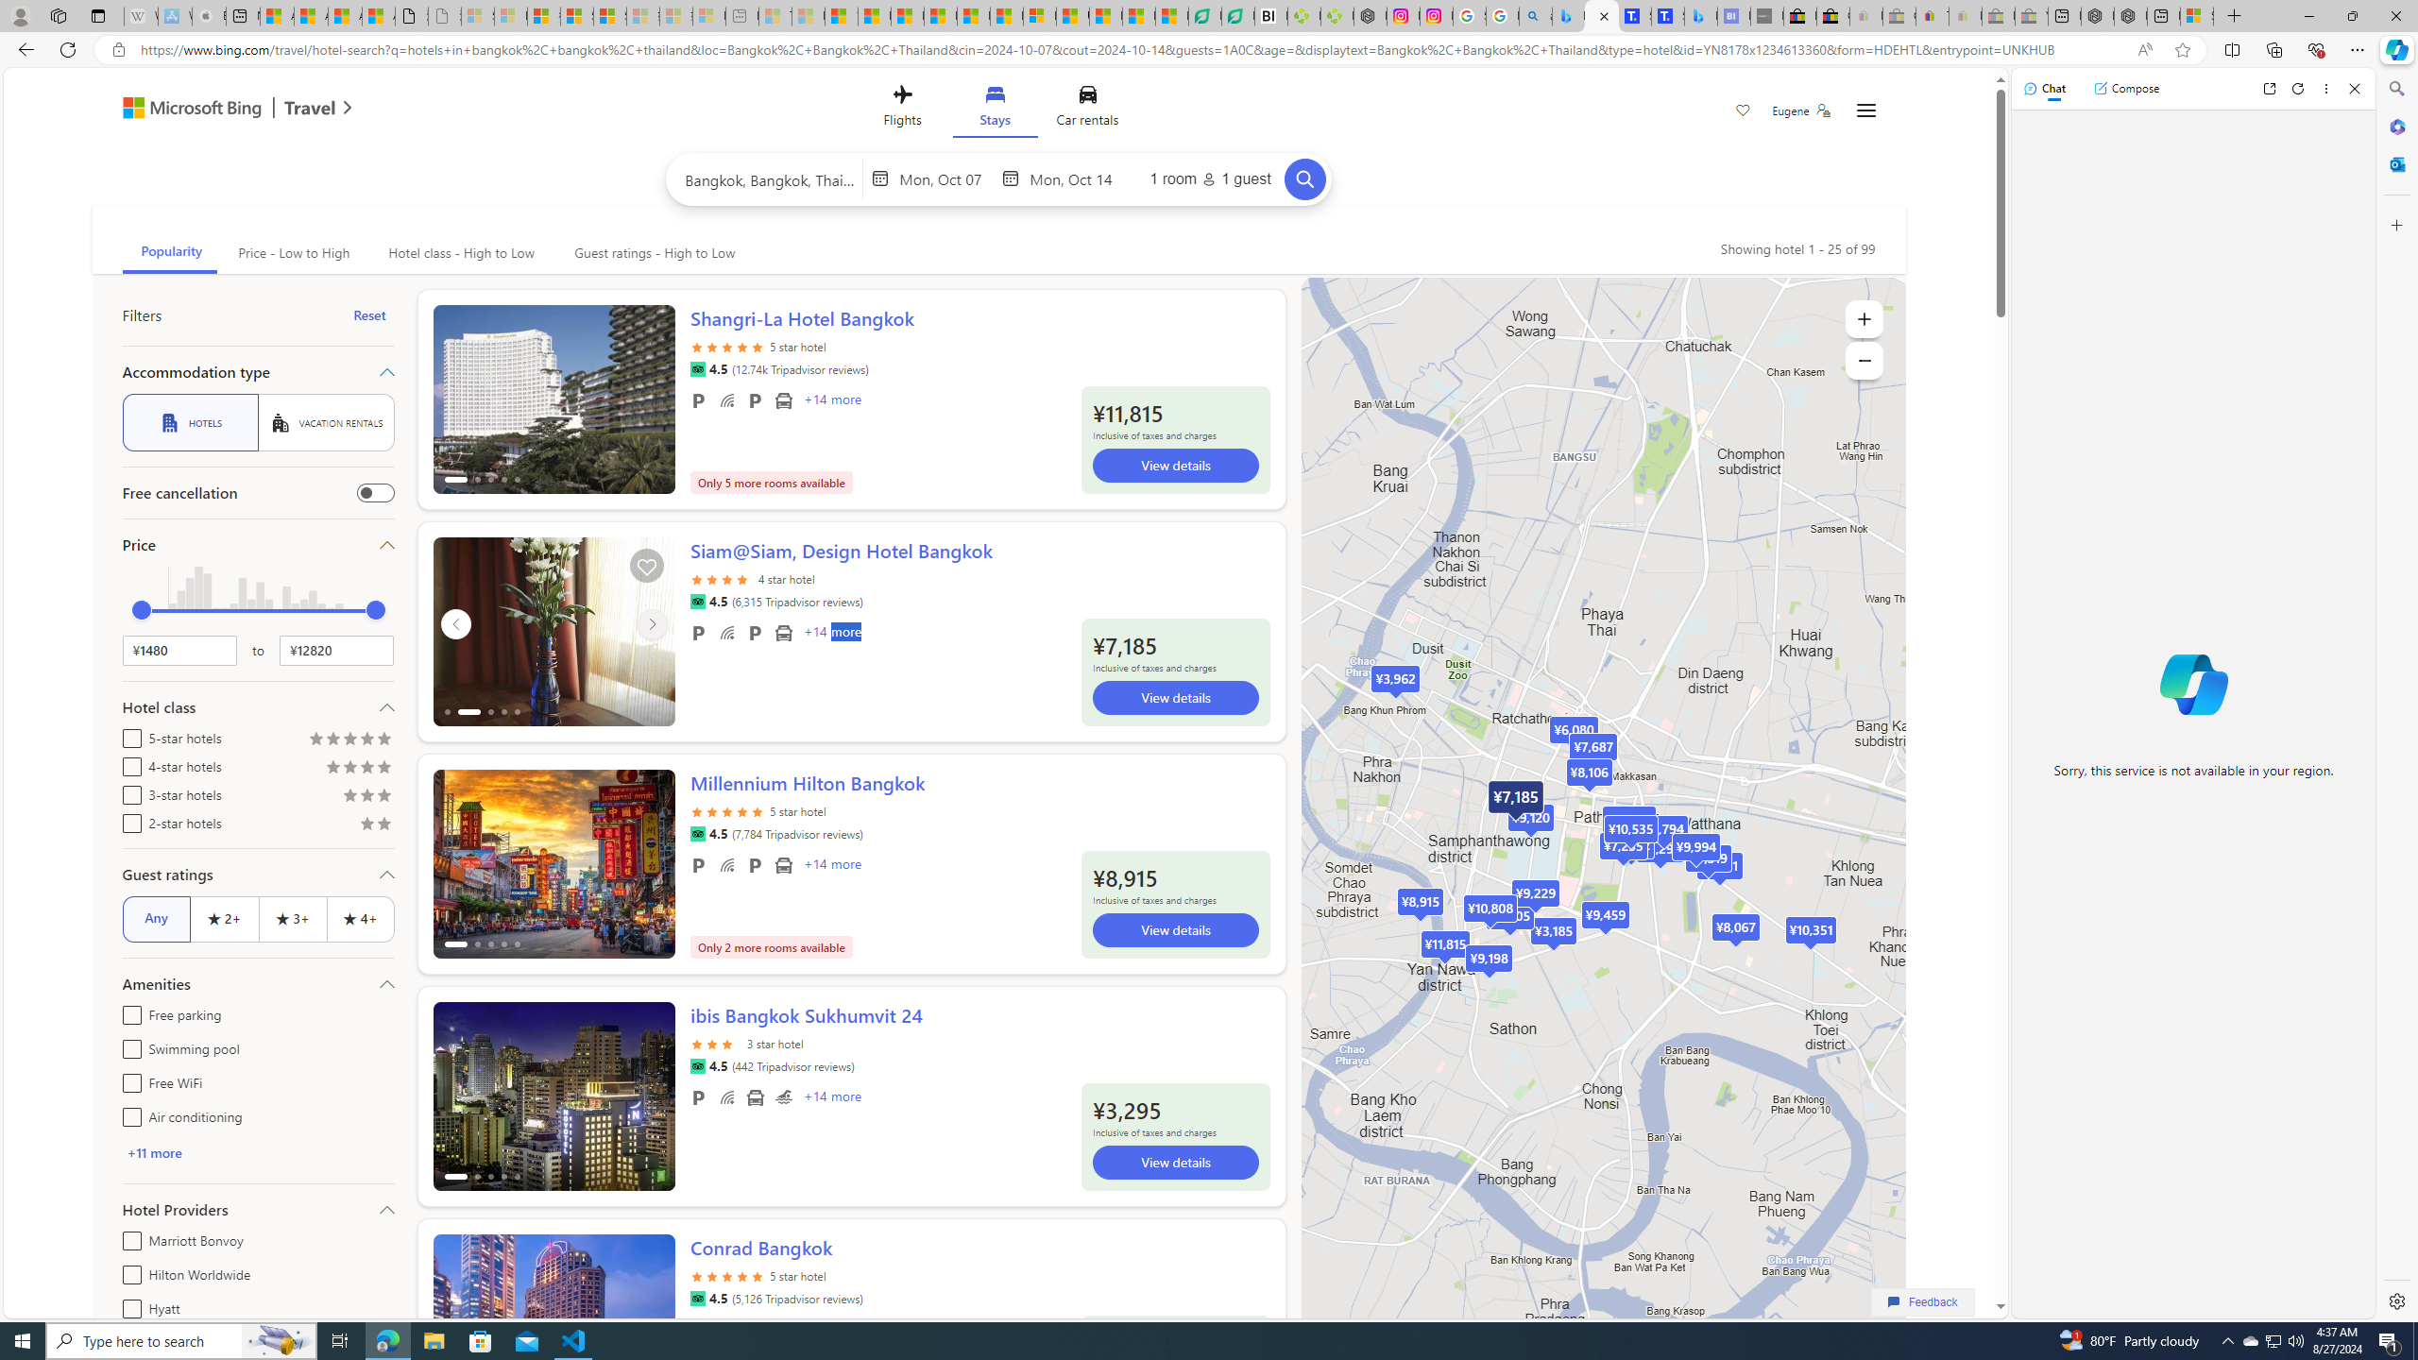 The image size is (2418, 1360). Describe the element at coordinates (775, 15) in the screenshot. I see `'Top Stories - MSN - Sleeping'` at that location.